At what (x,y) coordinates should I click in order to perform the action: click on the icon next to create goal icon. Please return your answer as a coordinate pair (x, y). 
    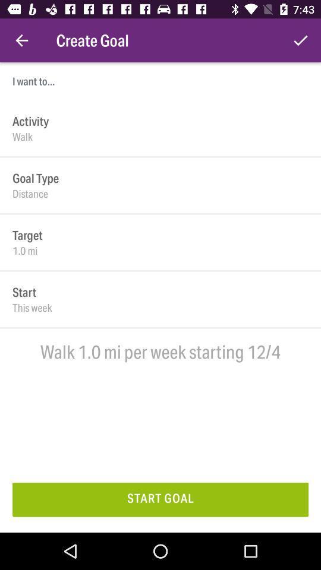
    Looking at the image, I should click on (21, 40).